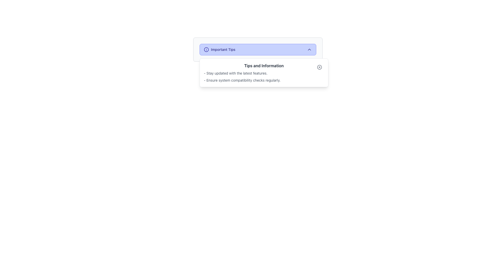 The image size is (485, 272). What do you see at coordinates (206, 49) in the screenshot?
I see `circular vector graphic element that serves as the decorative boundary of the information icon located on the left side of the 'Important Tips' heading` at bounding box center [206, 49].